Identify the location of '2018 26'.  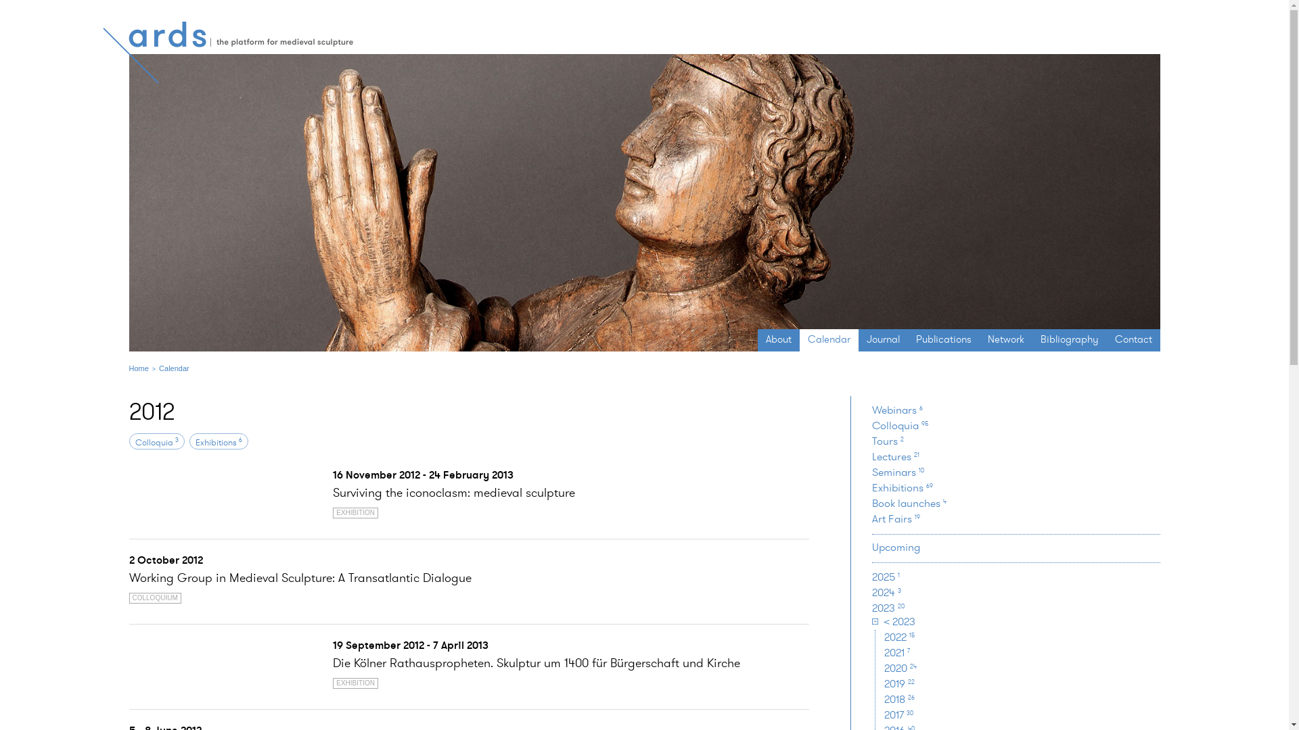
(884, 699).